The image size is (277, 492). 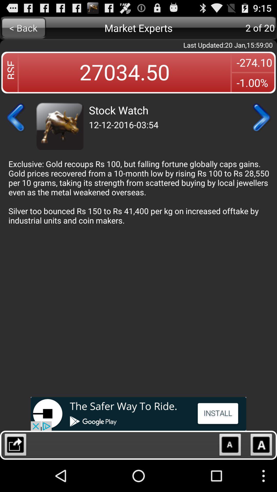 What do you see at coordinates (230, 446) in the screenshot?
I see `the first icon which is to the right side of the text filed input box` at bounding box center [230, 446].